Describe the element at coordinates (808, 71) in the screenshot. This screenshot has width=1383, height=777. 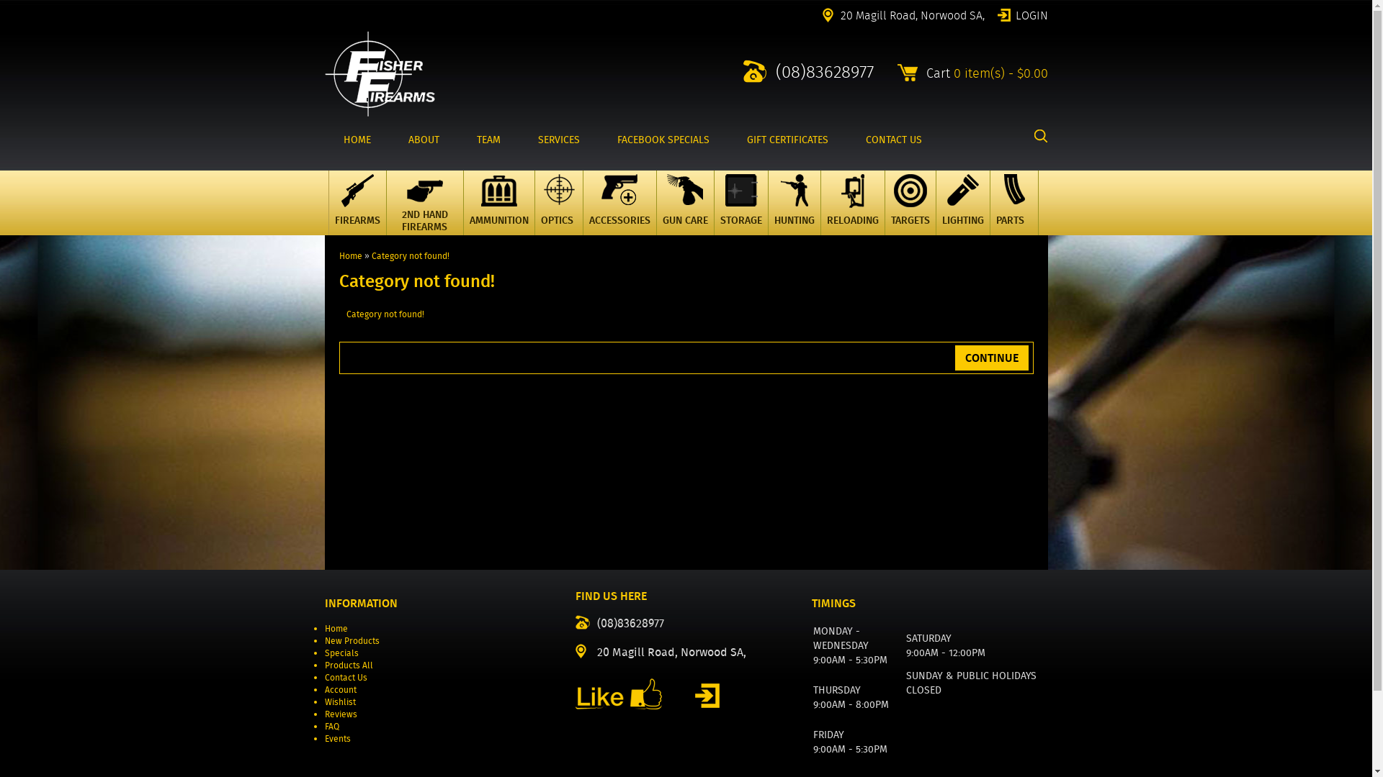
I see `'(08)83628977'` at that location.